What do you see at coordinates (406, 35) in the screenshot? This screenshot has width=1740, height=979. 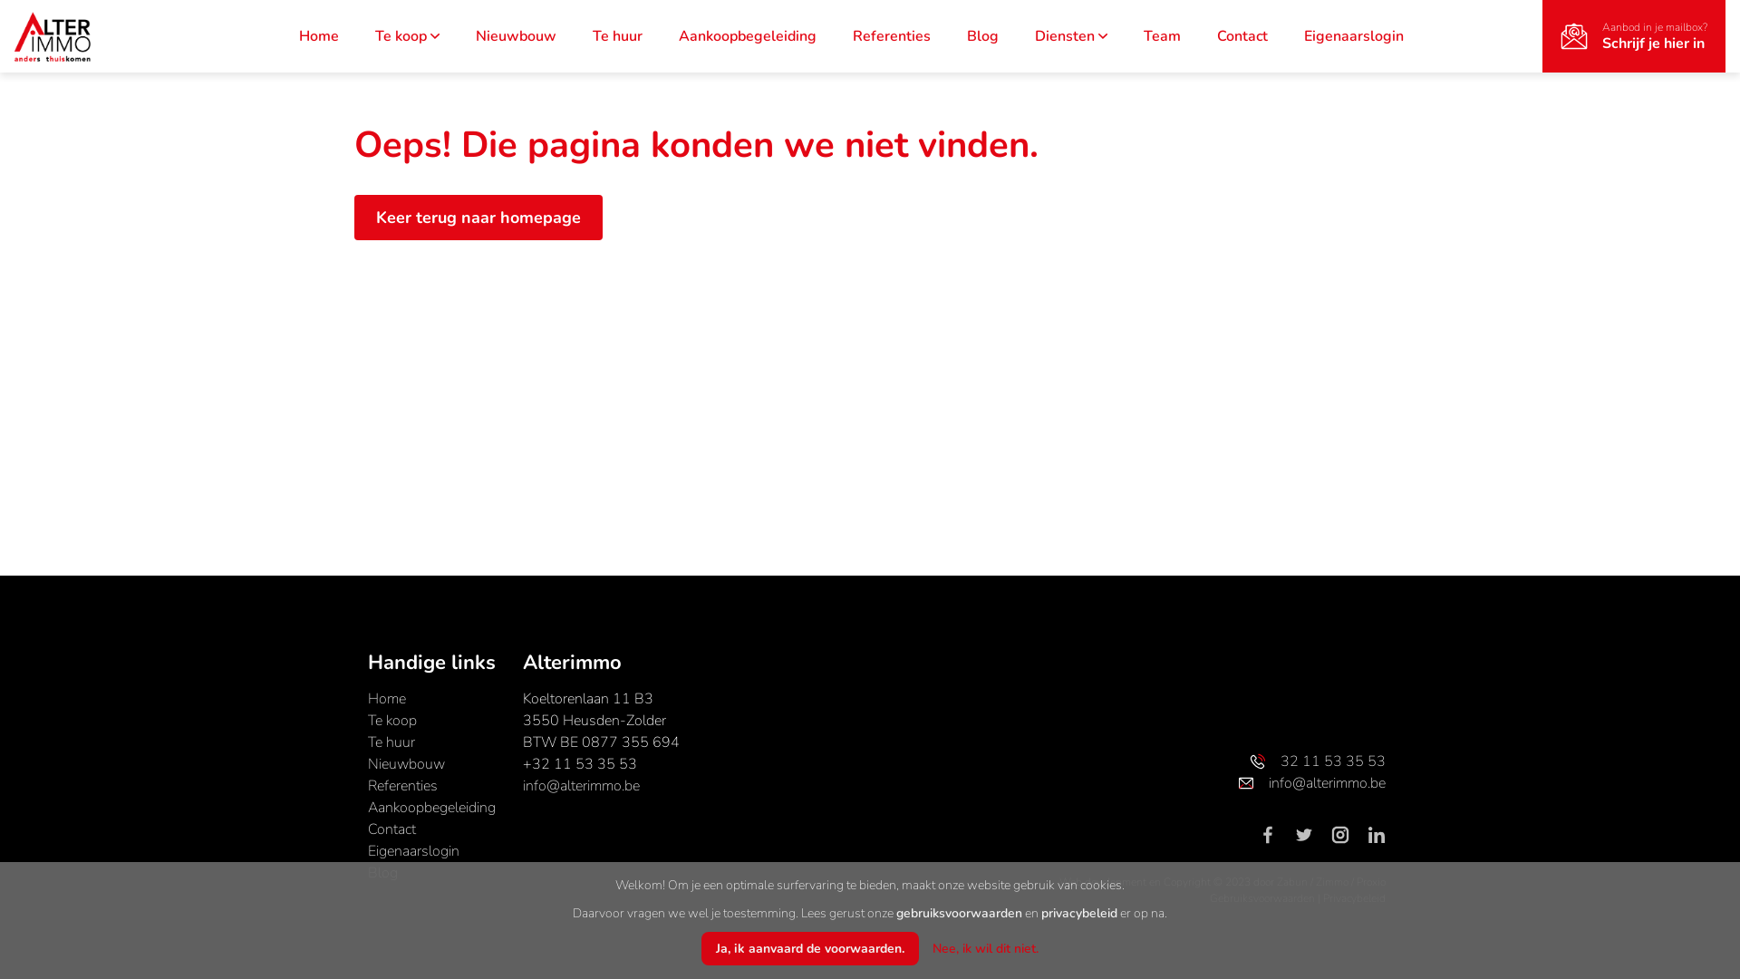 I see `'Te koop'` at bounding box center [406, 35].